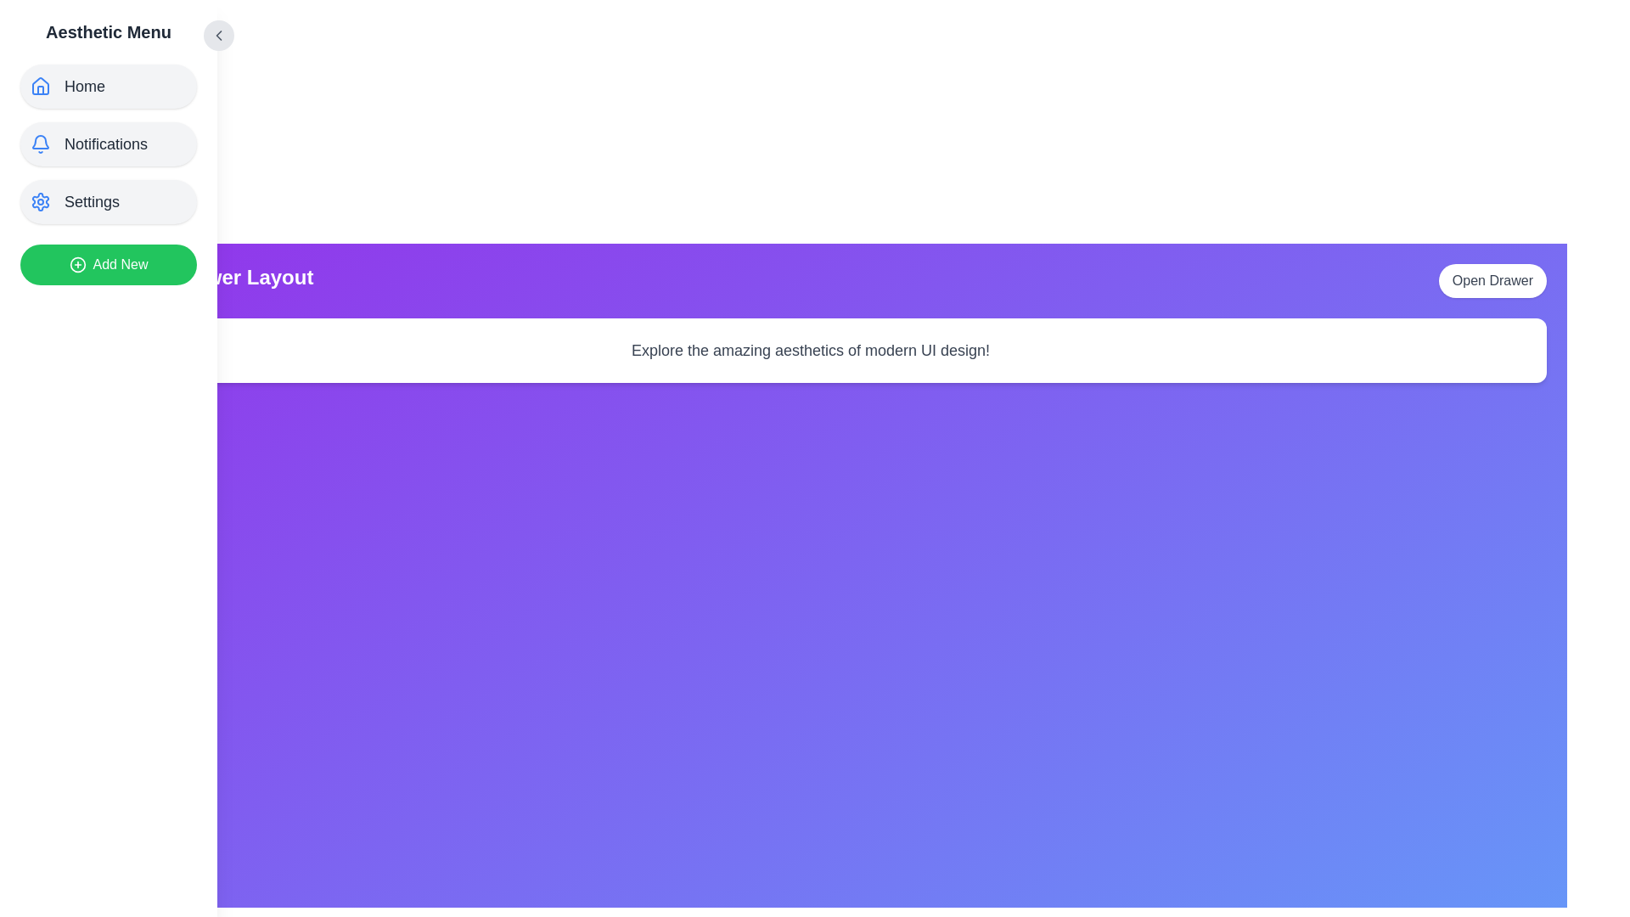  What do you see at coordinates (41, 85) in the screenshot?
I see `the 'Home' icon located at the top of the 'Aesthetic Menu' sidebar` at bounding box center [41, 85].